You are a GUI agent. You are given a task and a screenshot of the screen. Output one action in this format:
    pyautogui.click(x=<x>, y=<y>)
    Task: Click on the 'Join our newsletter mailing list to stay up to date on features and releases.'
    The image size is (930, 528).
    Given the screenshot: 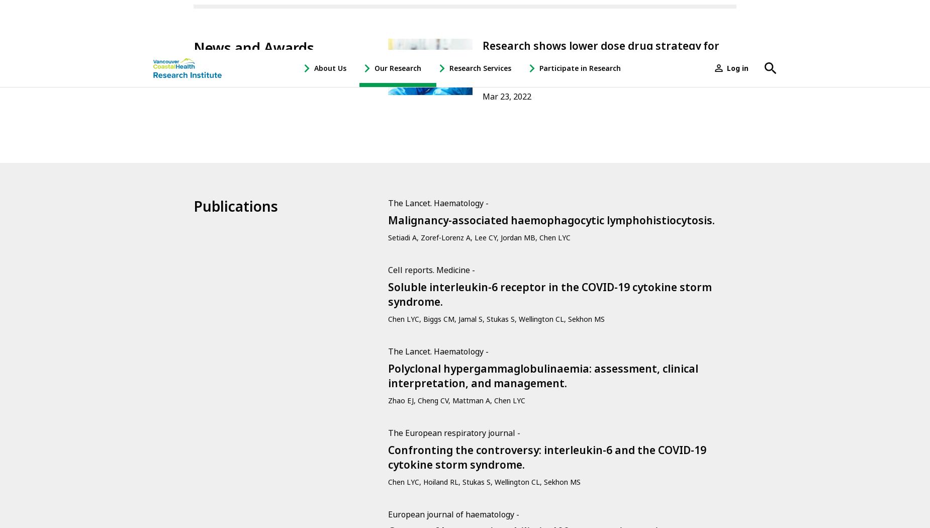 What is the action you would take?
    pyautogui.click(x=279, y=300)
    